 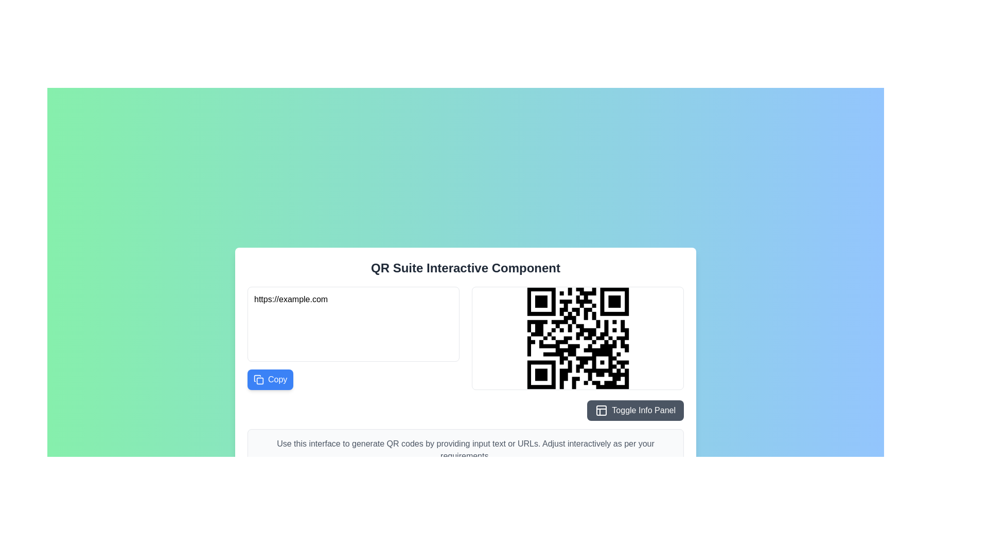 What do you see at coordinates (270, 379) in the screenshot?
I see `the blue rectangular 'Copy' button located below the URL input field at https://example.com to copy the text` at bounding box center [270, 379].